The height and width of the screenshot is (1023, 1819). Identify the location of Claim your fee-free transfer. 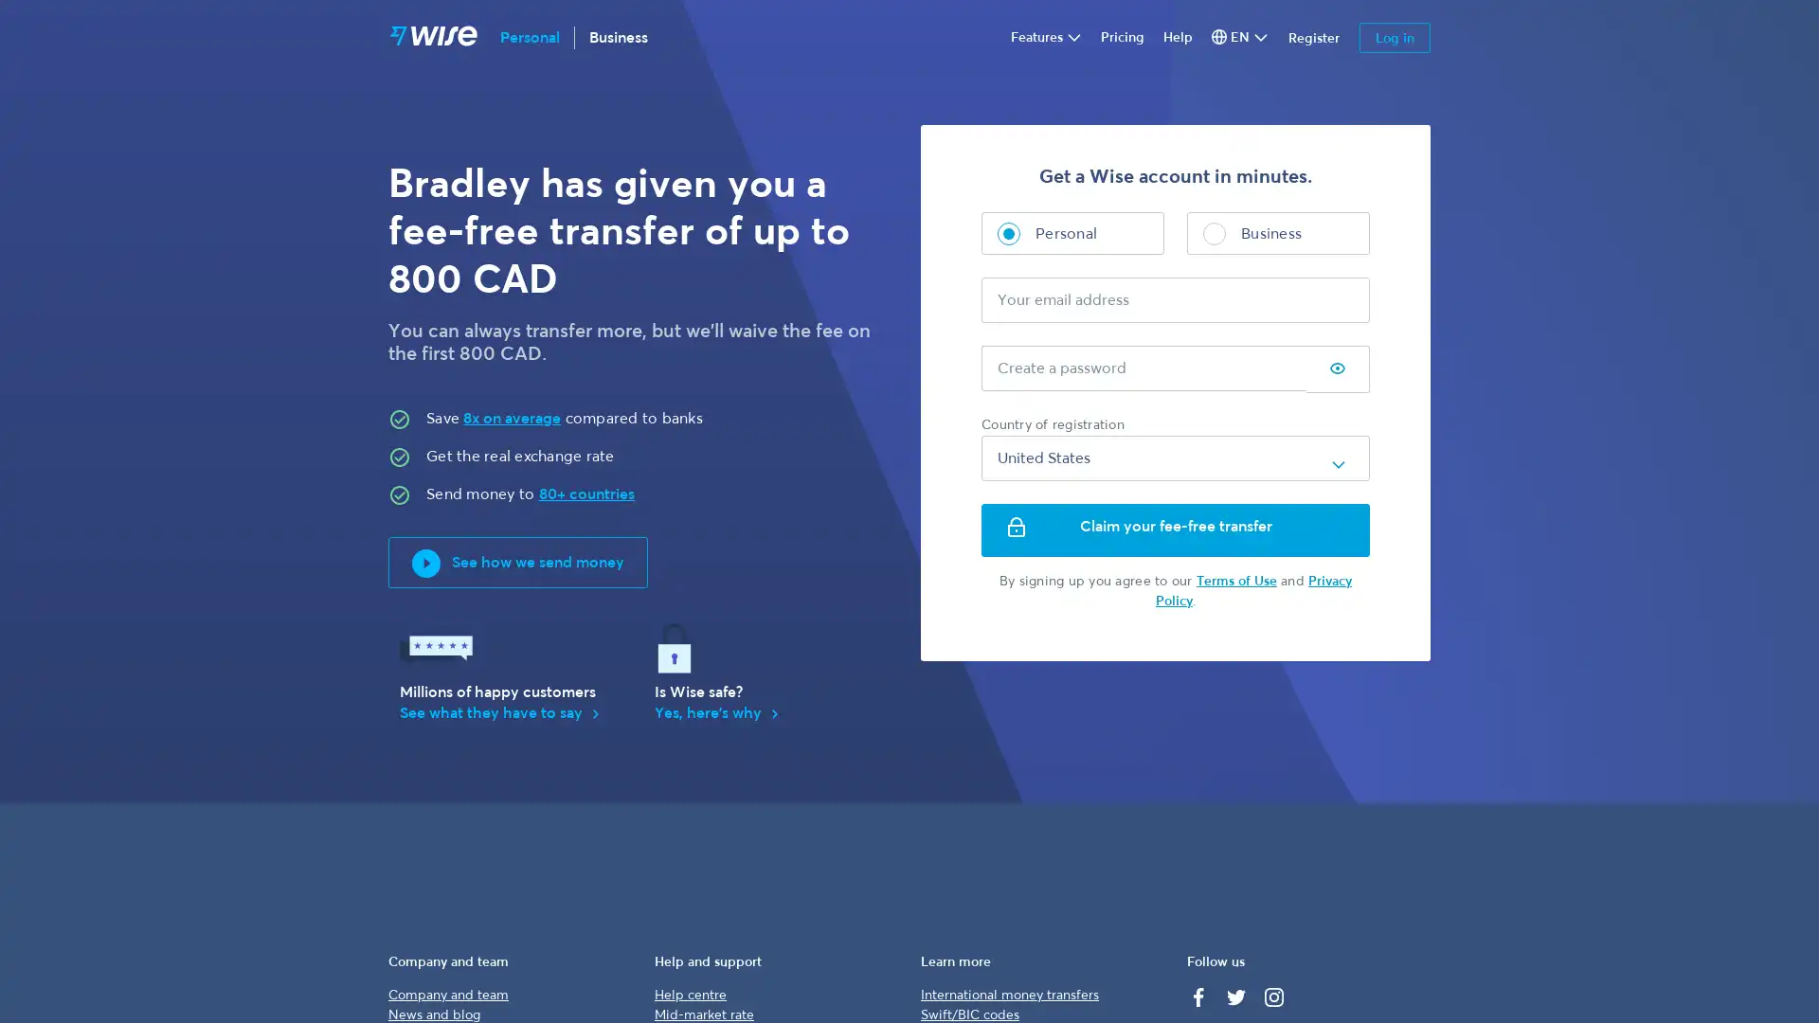
(1175, 529).